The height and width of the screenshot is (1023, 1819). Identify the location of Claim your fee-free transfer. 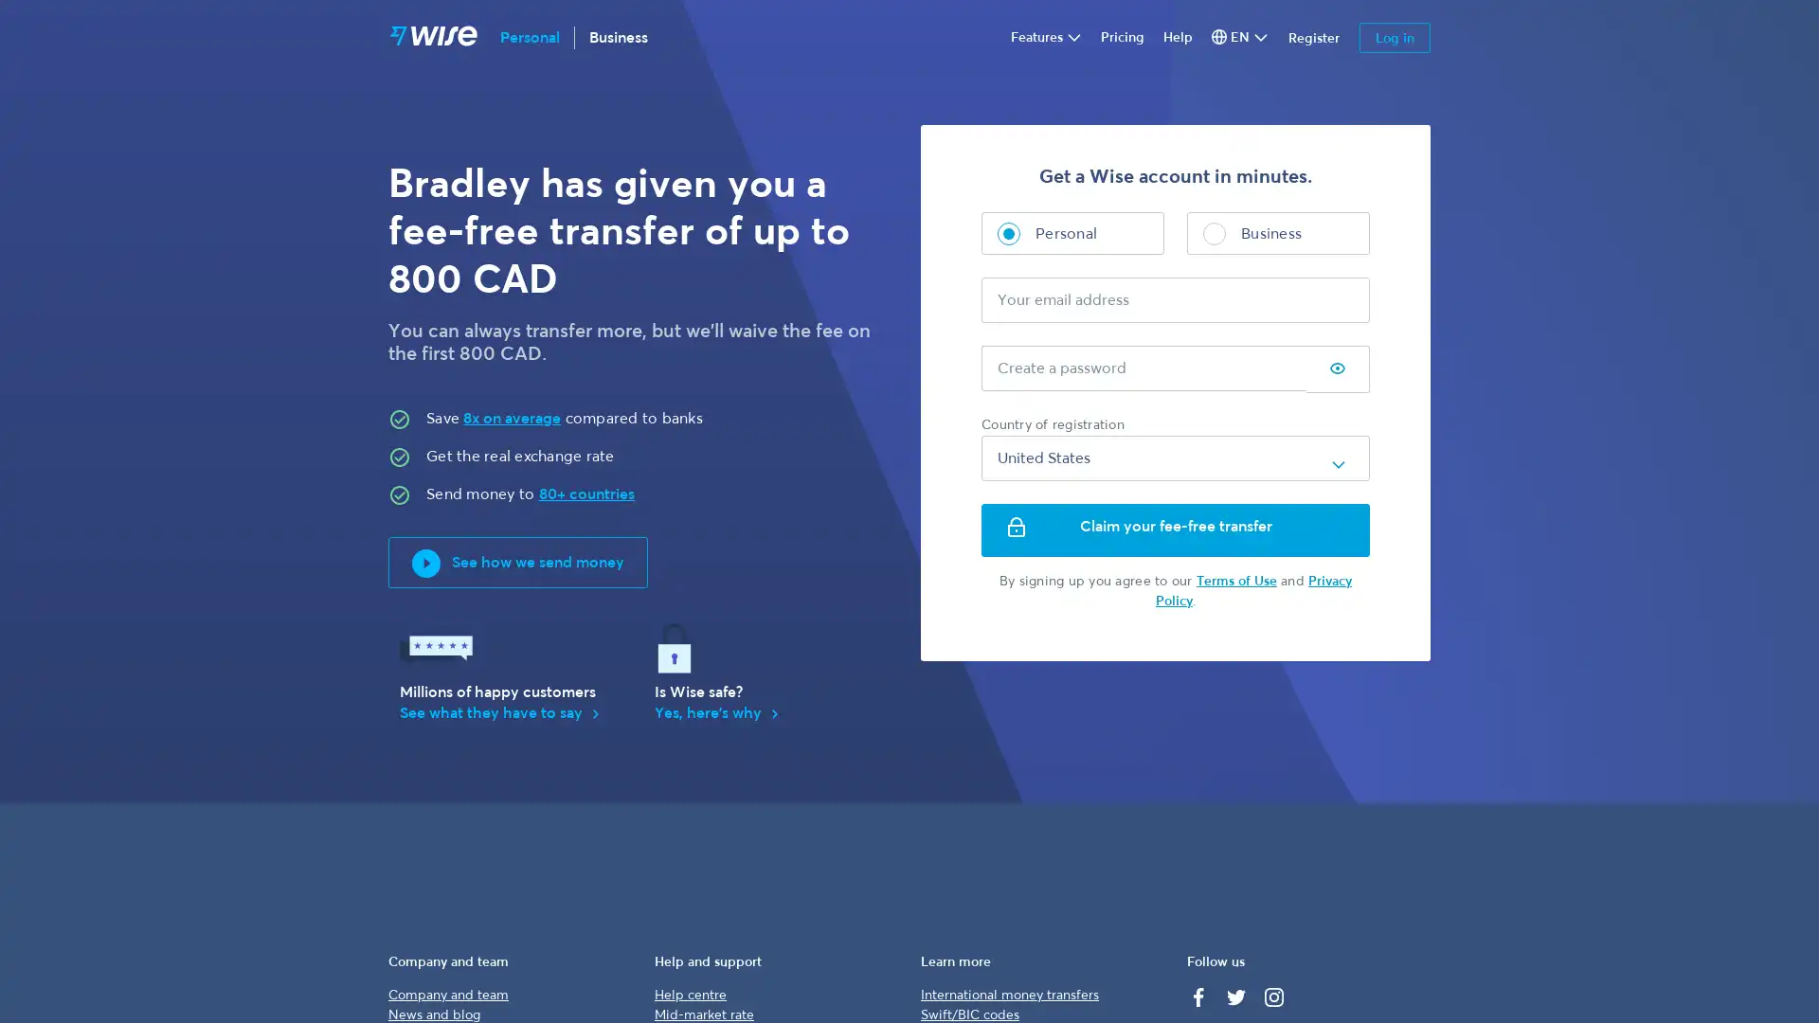
(1175, 529).